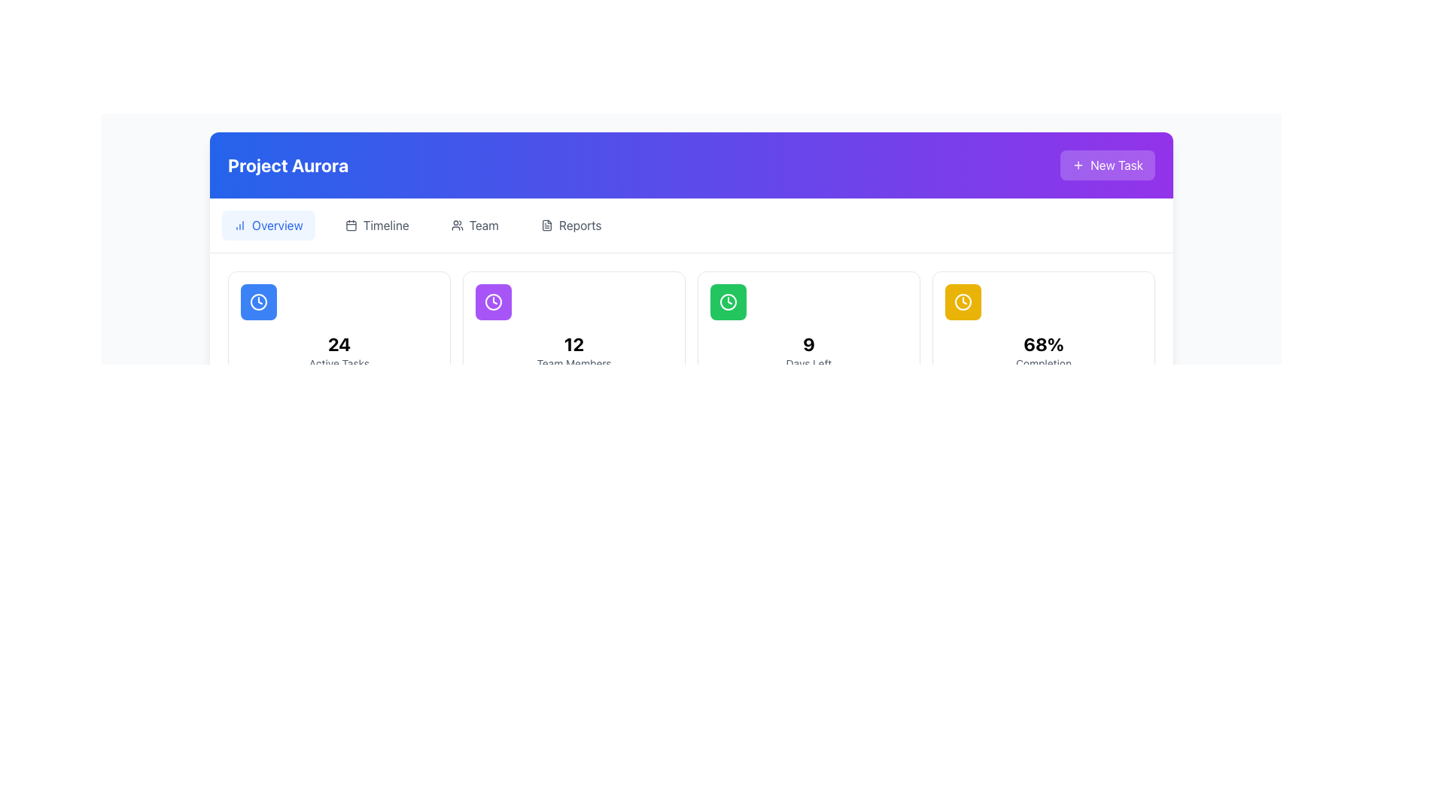 This screenshot has height=812, width=1445. Describe the element at coordinates (729, 301) in the screenshot. I see `central circular portion of the clock icon in the dashboard, which is the third icon in a row of four, to gather interaction details` at that location.